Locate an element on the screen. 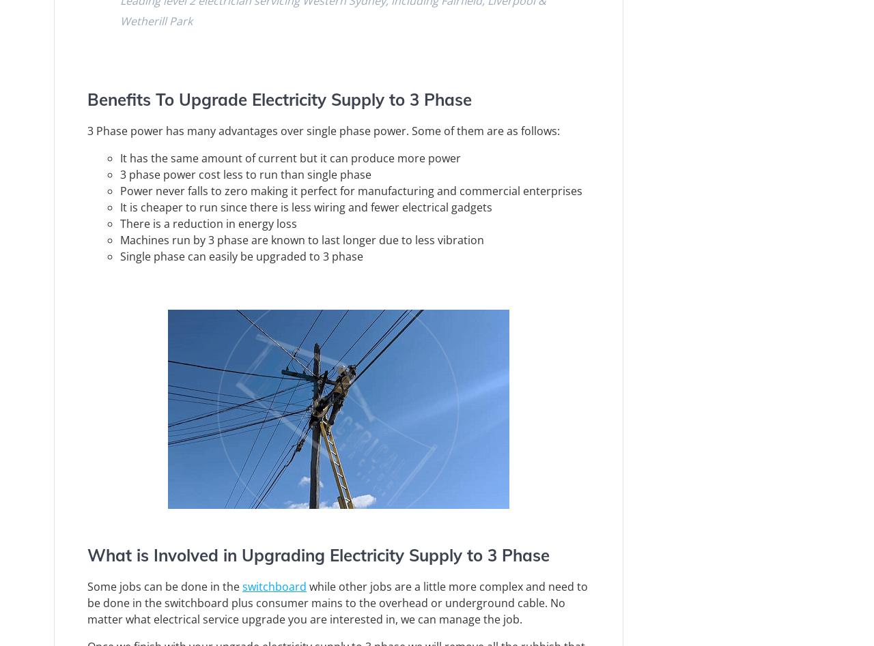 Image resolution: width=874 pixels, height=646 pixels. '3 Phase power has many advantages over single phase power. Some of them are as follows:' is located at coordinates (322, 130).